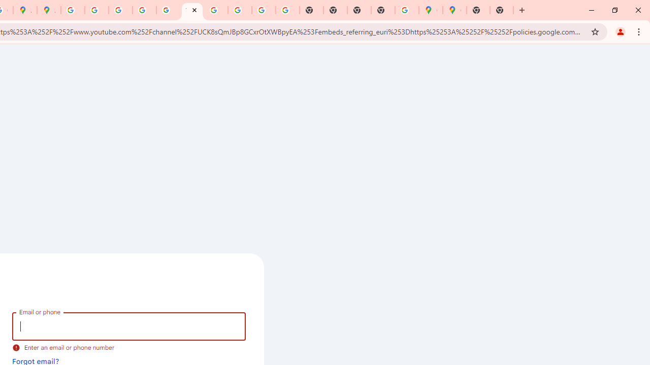 The image size is (650, 365). What do you see at coordinates (454, 10) in the screenshot?
I see `'Google Maps'` at bounding box center [454, 10].